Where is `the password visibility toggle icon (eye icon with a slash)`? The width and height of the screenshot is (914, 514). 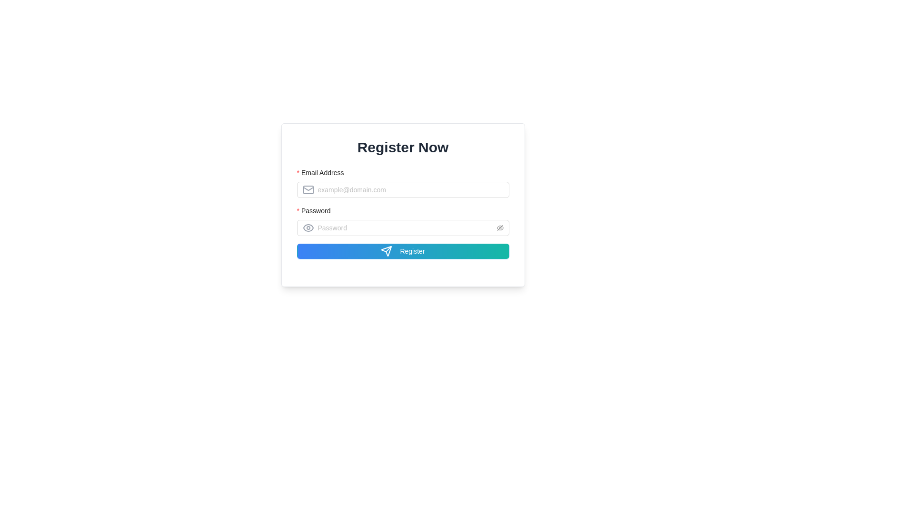
the password visibility toggle icon (eye icon with a slash) is located at coordinates (499, 227).